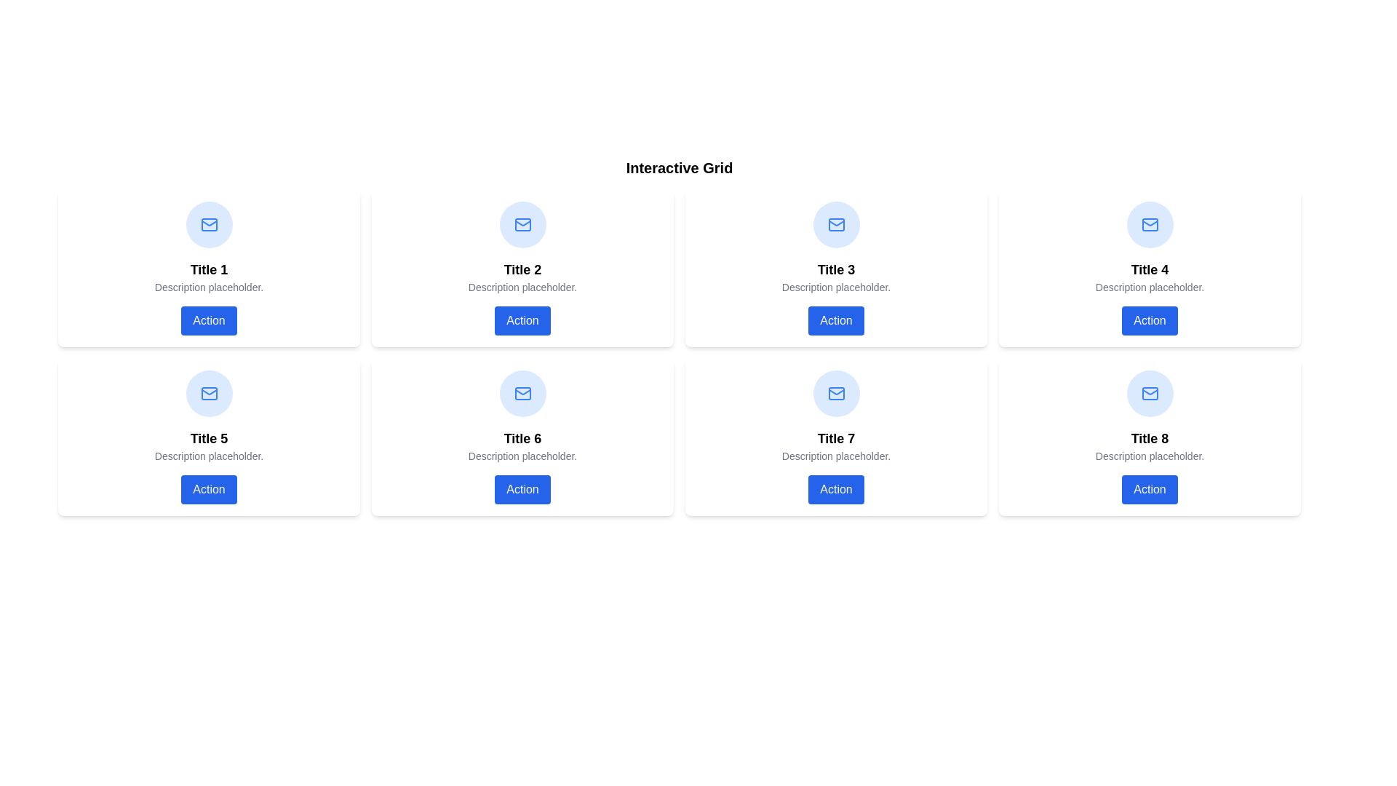 This screenshot has width=1397, height=786. What do you see at coordinates (208, 224) in the screenshot?
I see `the blue circular icon with a mail symbol inside, located at the top center of the card titled 'Title 1'` at bounding box center [208, 224].